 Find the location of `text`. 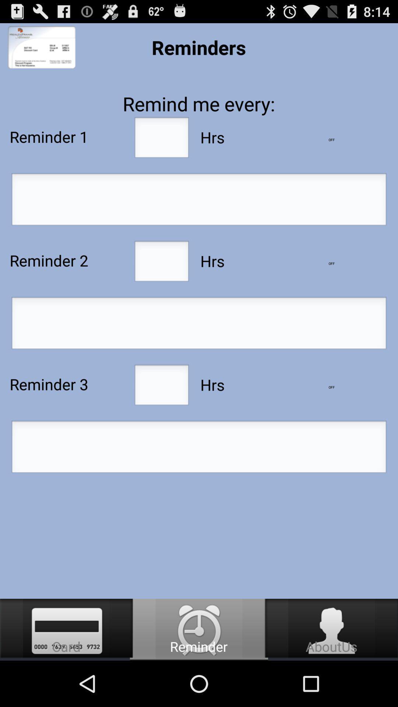

text is located at coordinates (199, 449).